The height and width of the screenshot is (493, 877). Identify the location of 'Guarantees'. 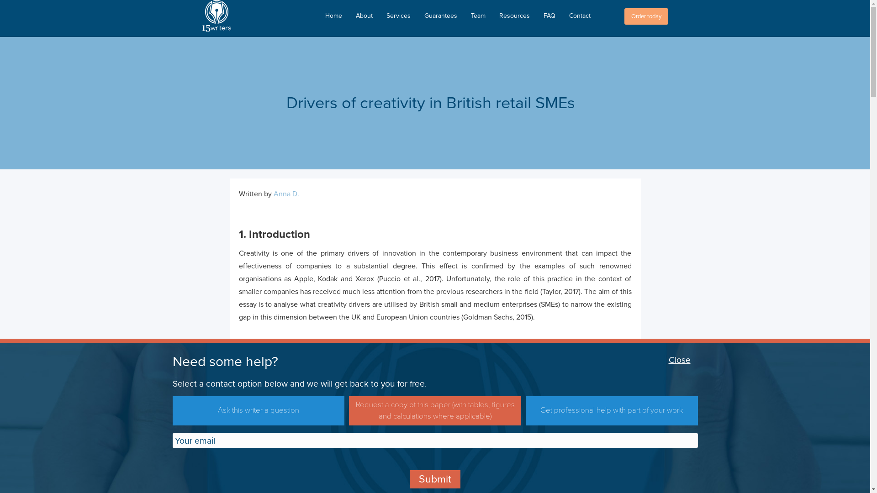
(440, 16).